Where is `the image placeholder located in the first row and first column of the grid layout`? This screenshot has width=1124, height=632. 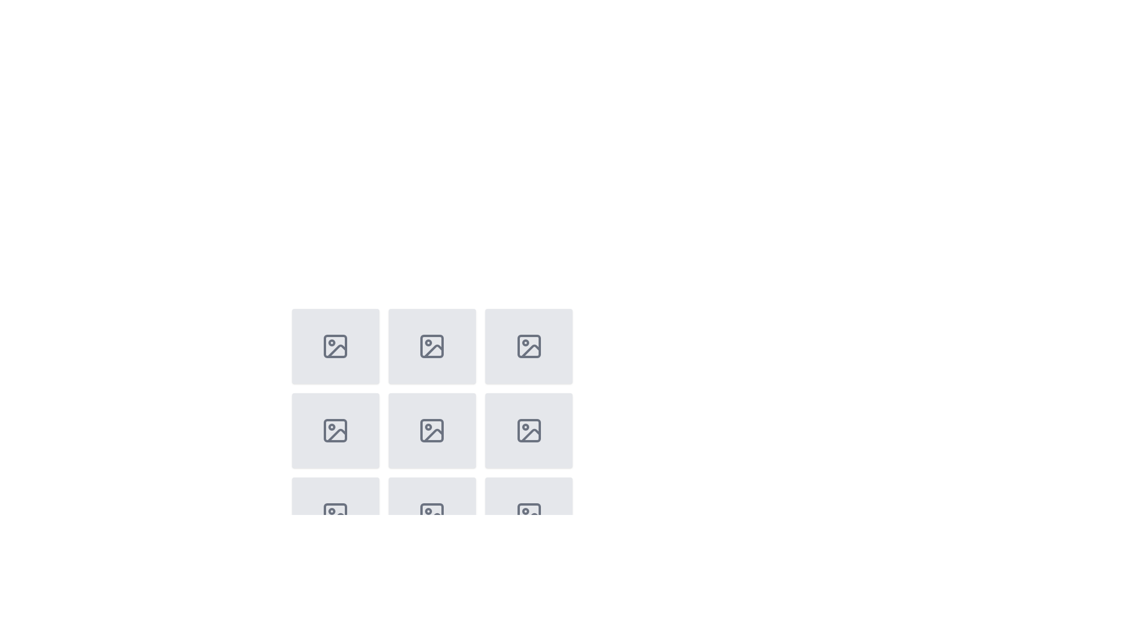
the image placeholder located in the first row and first column of the grid layout is located at coordinates (335, 345).